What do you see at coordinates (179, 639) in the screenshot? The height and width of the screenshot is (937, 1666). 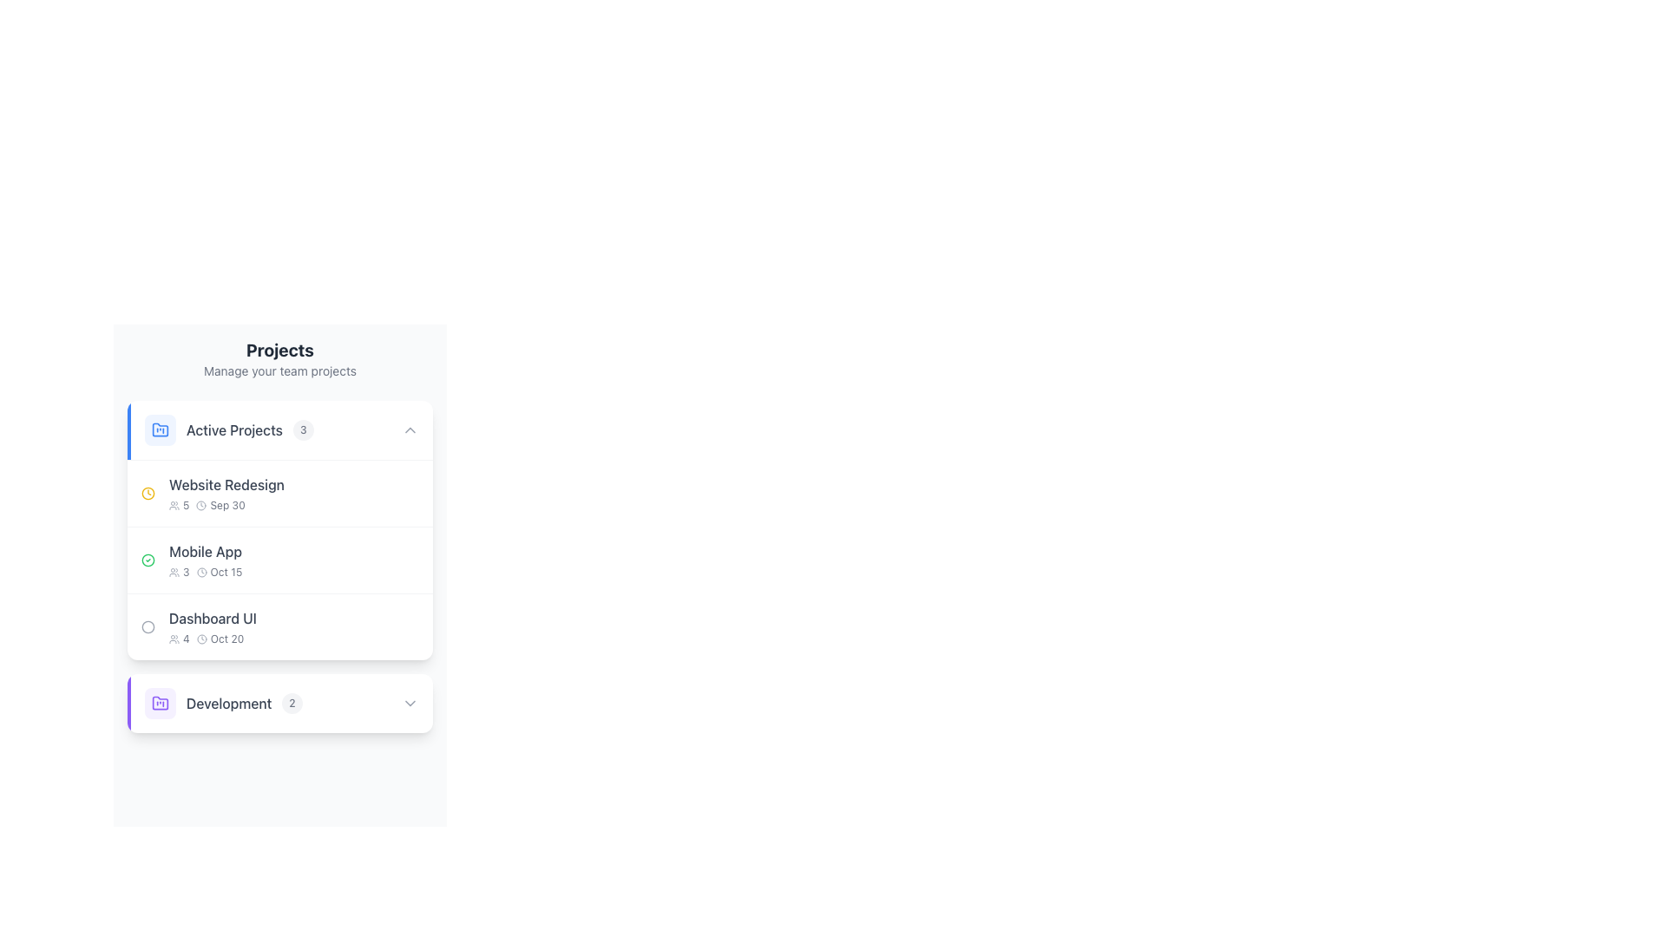 I see `number '4' displayed in the text component with a users icon, located at the bottom section of the 'Dashboard UI' under 'Active Projects'` at bounding box center [179, 639].